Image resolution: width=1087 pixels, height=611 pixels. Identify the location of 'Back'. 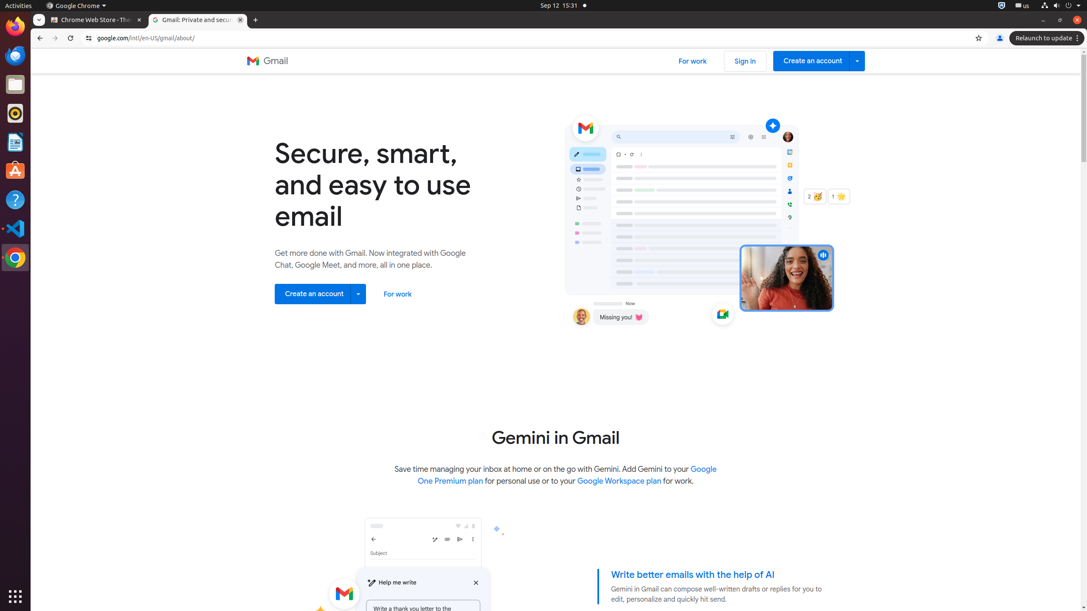
(38, 38).